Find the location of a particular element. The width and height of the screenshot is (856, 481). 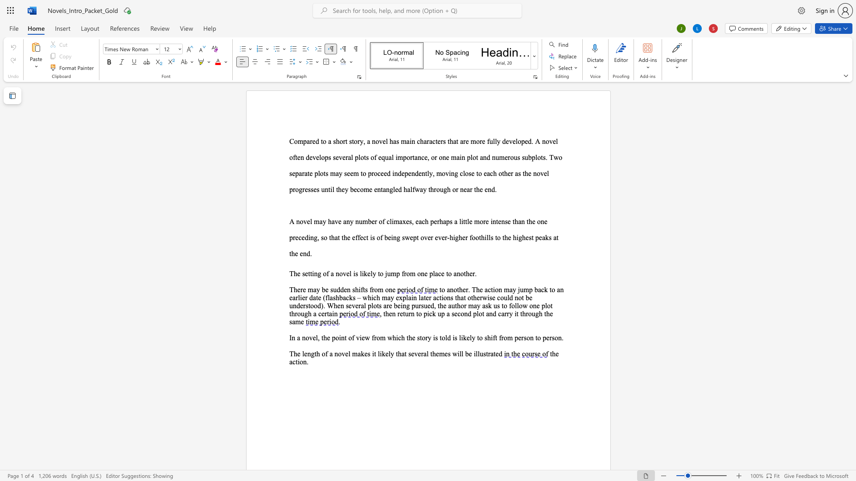

the 2th character "o" in the text is located at coordinates (387, 289).